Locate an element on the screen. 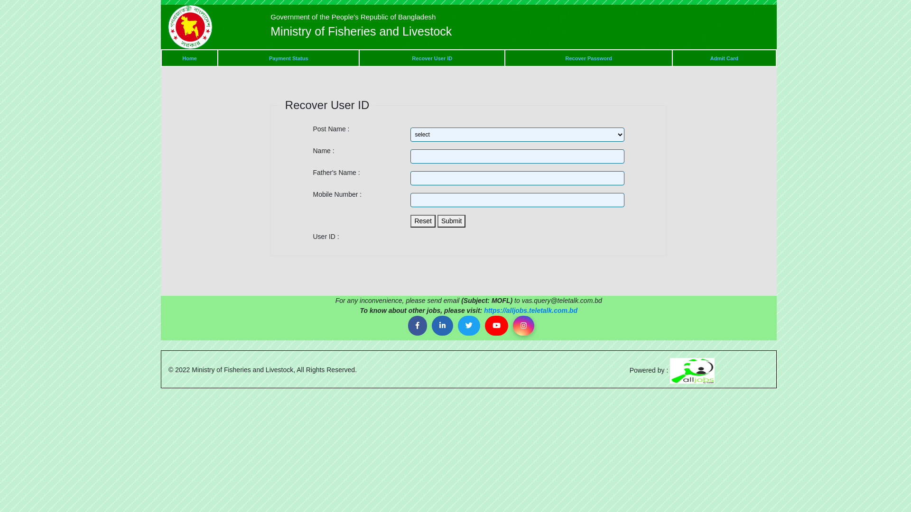 The image size is (911, 512). 'Recover Password' is located at coordinates (588, 58).